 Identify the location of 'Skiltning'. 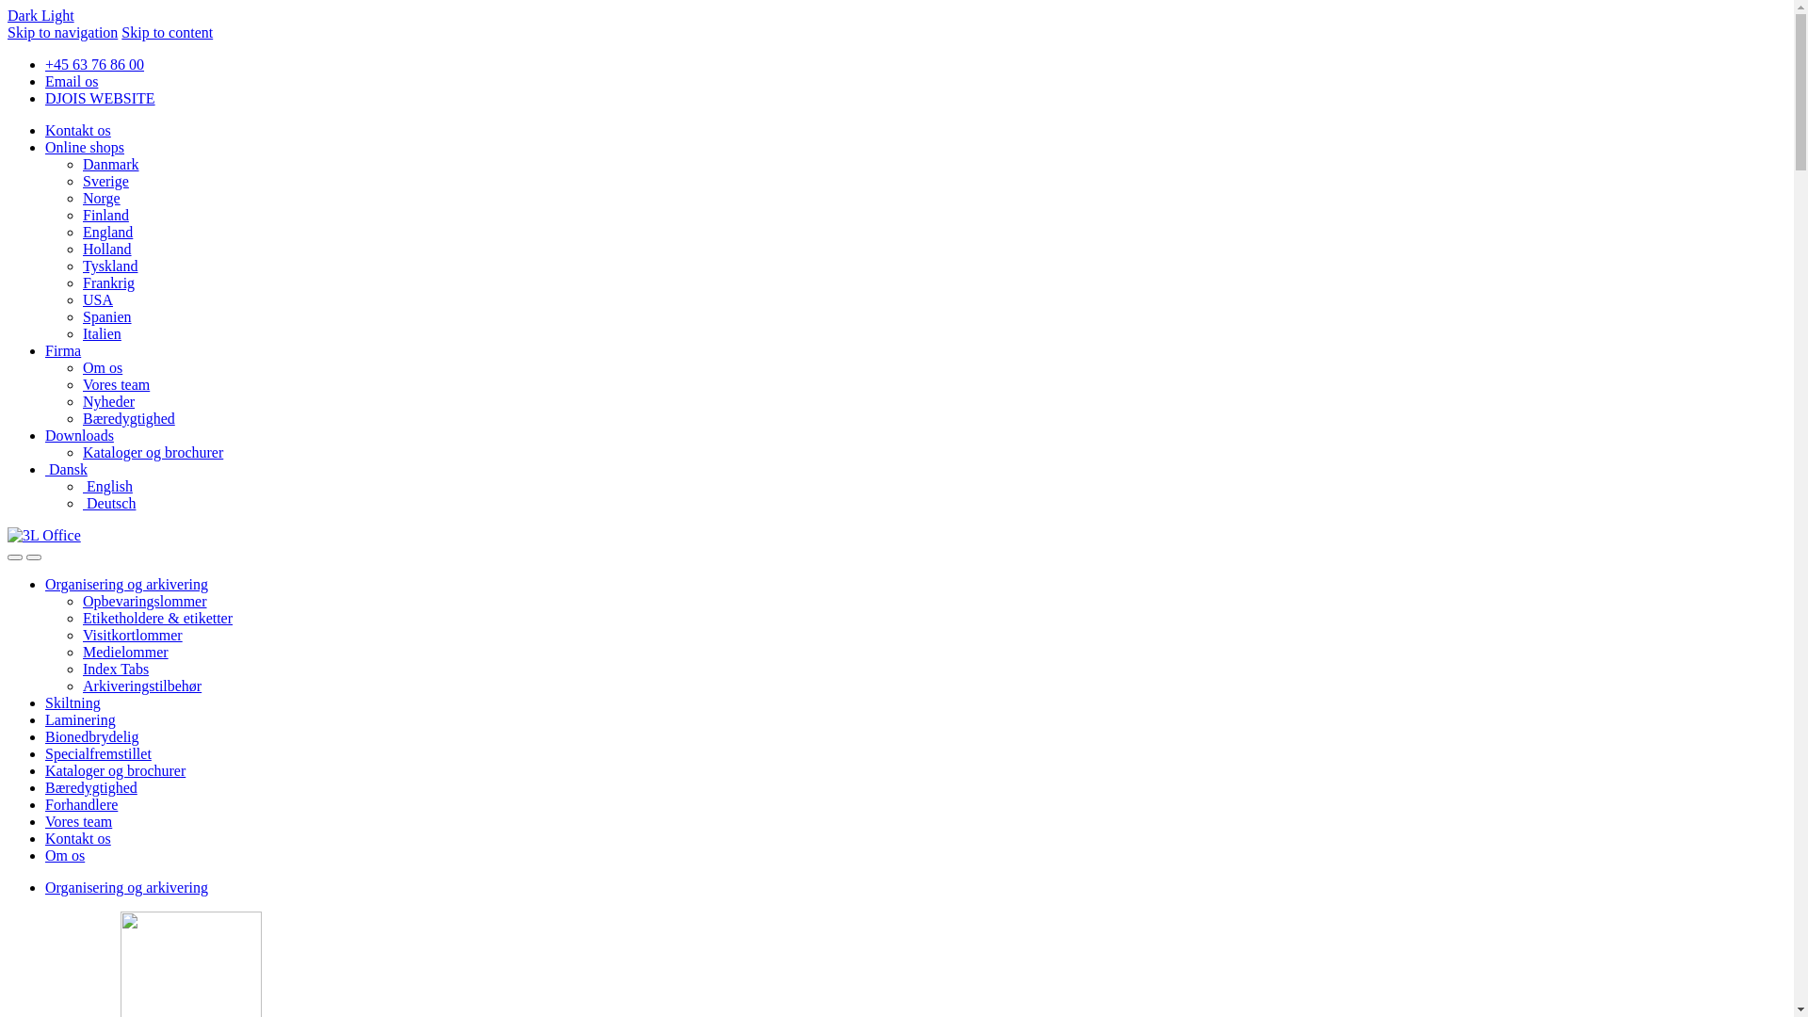
(73, 702).